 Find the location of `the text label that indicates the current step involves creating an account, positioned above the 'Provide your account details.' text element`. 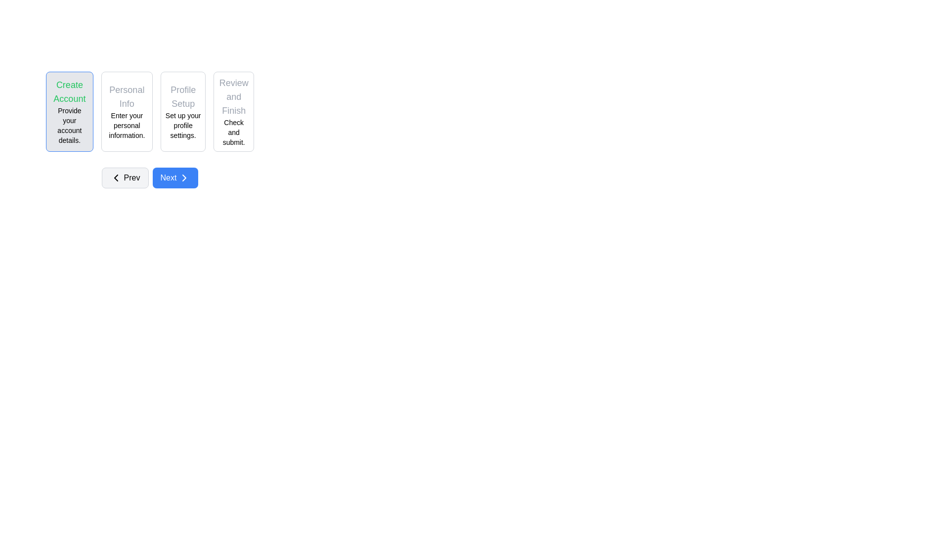

the text label that indicates the current step involves creating an account, positioned above the 'Provide your account details.' text element is located at coordinates (69, 91).